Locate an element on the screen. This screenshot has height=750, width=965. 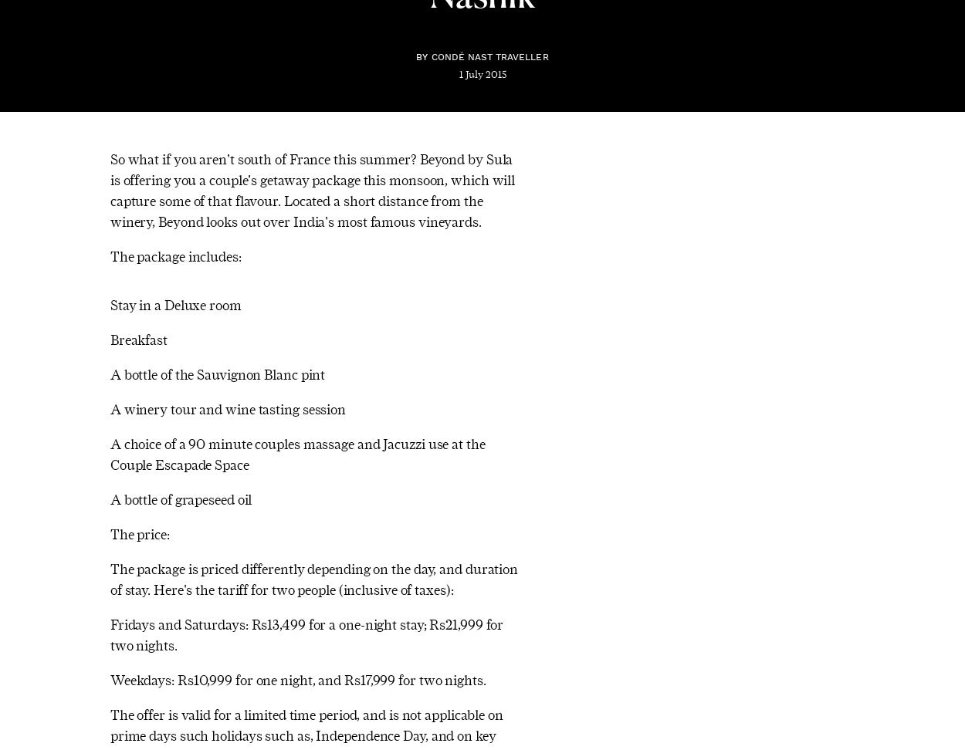
'A bottle of grapeseed oil' is located at coordinates (180, 498).